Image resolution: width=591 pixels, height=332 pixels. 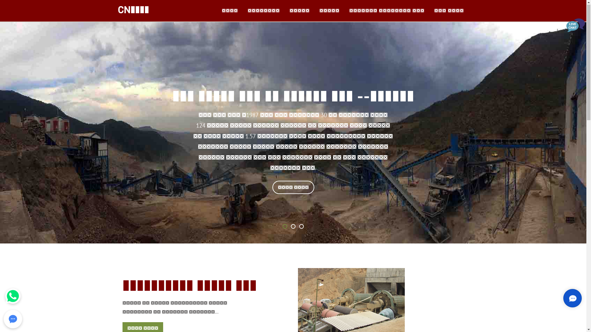 I want to click on '3', so click(x=301, y=227).